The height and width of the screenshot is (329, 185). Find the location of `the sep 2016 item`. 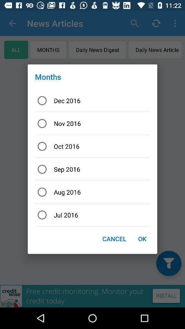

the sep 2016 item is located at coordinates (92, 169).